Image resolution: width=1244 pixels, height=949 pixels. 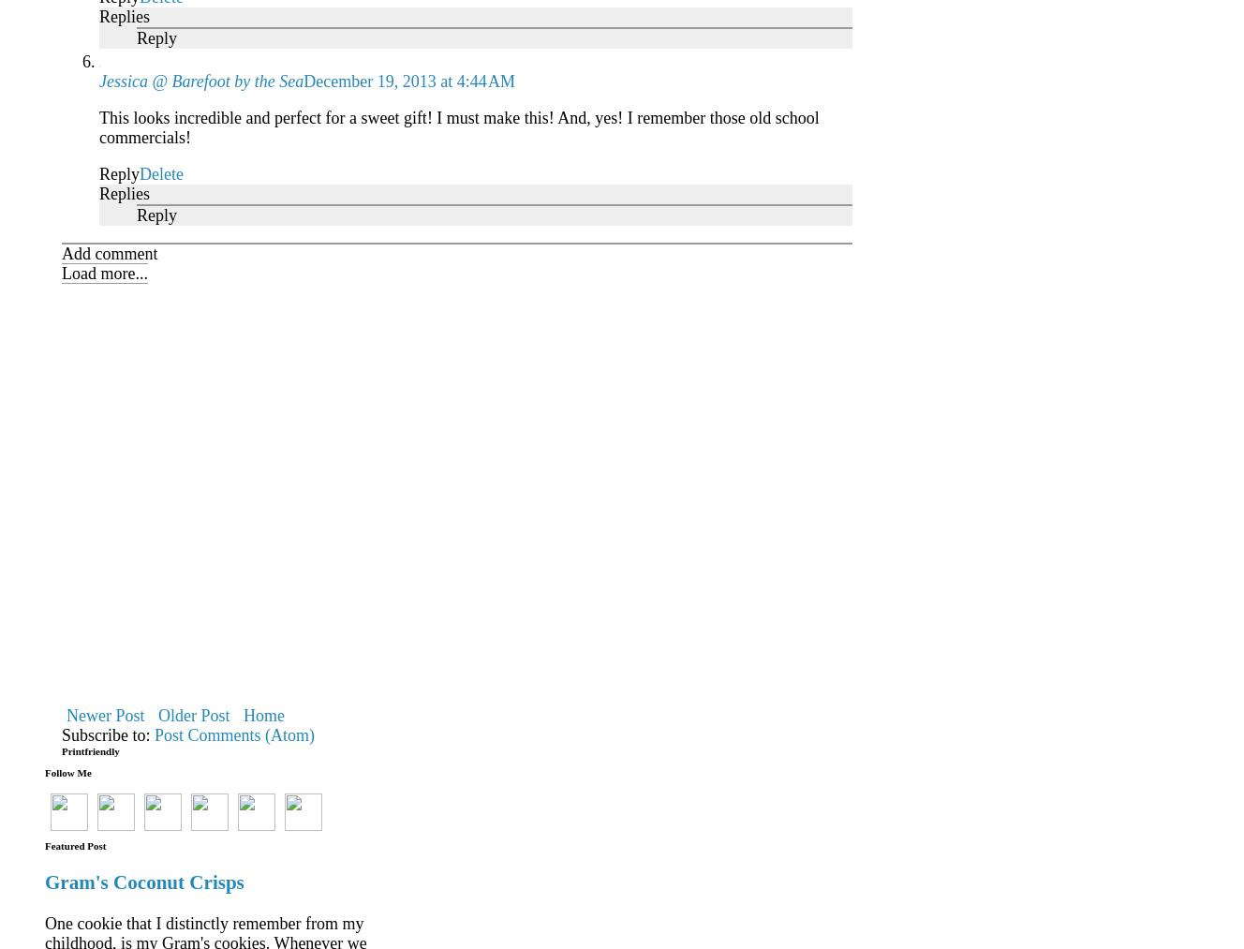 What do you see at coordinates (458, 126) in the screenshot?
I see `'This looks incredible and perfect for a sweet gift! I must make this! And, yes! I remember those old school commercials!'` at bounding box center [458, 126].